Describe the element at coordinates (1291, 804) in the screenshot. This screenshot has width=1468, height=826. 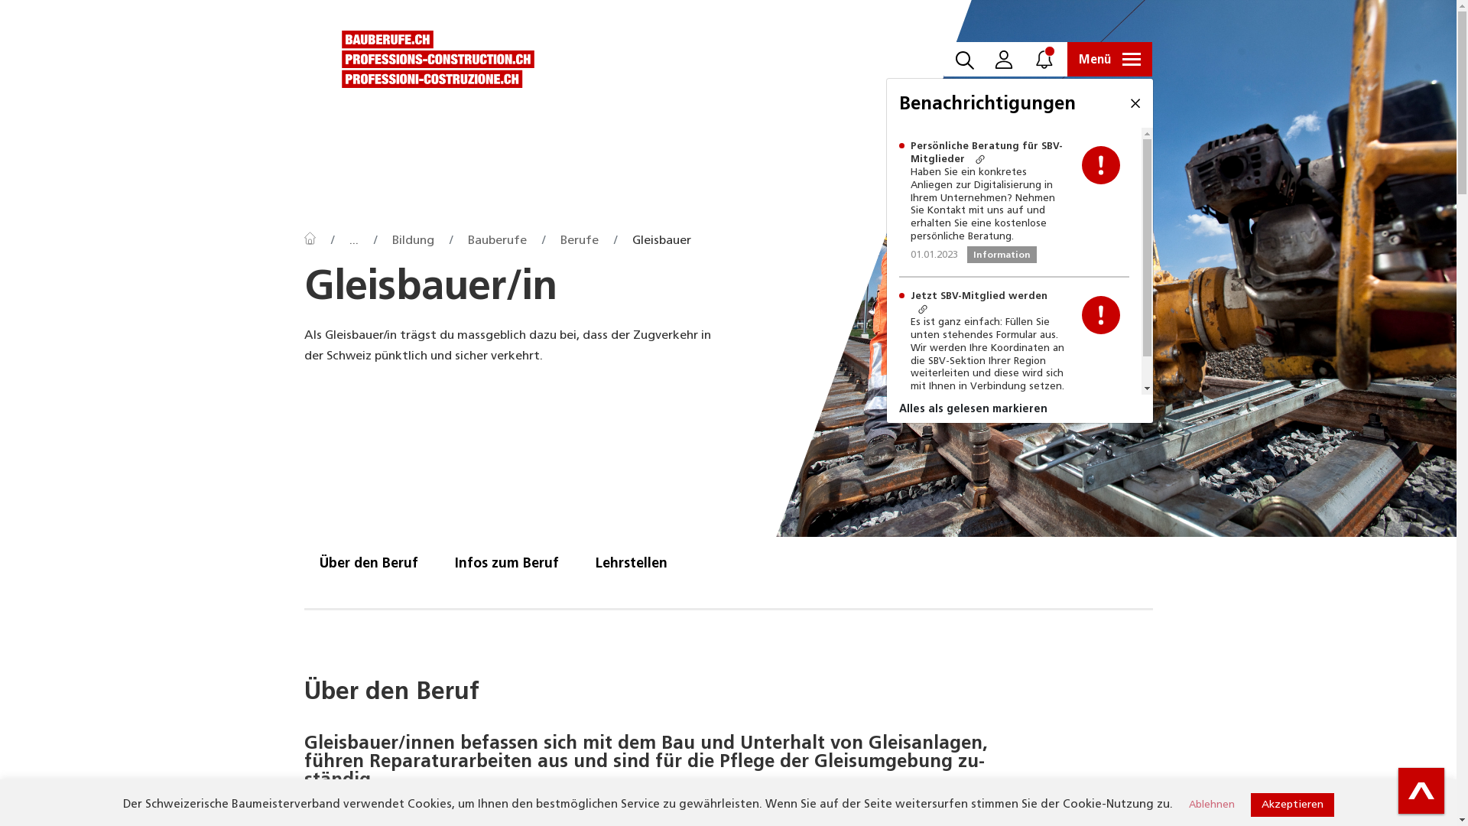
I see `'Akzeptieren'` at that location.